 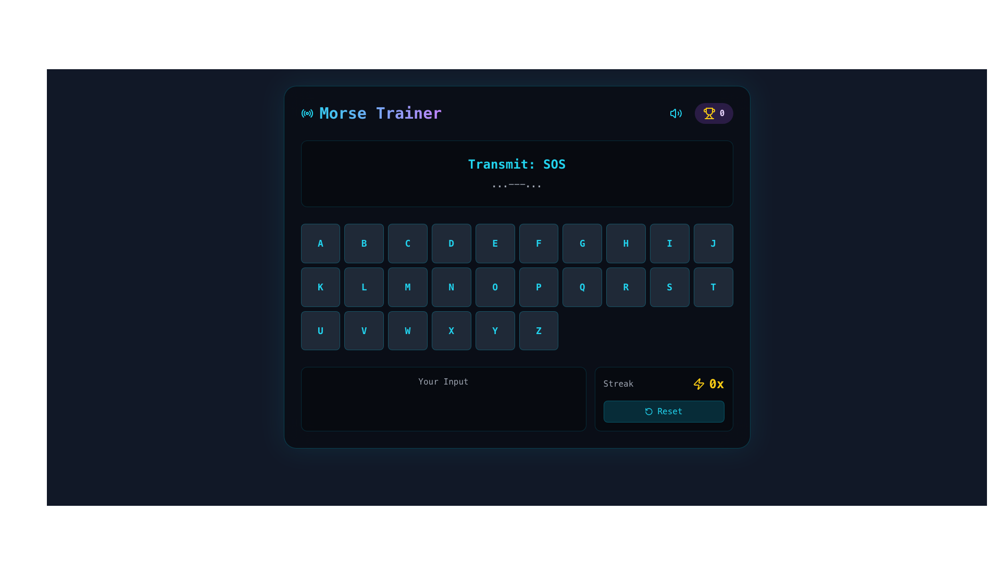 What do you see at coordinates (494, 330) in the screenshot?
I see `the interactive button representing the letter 'Y'` at bounding box center [494, 330].